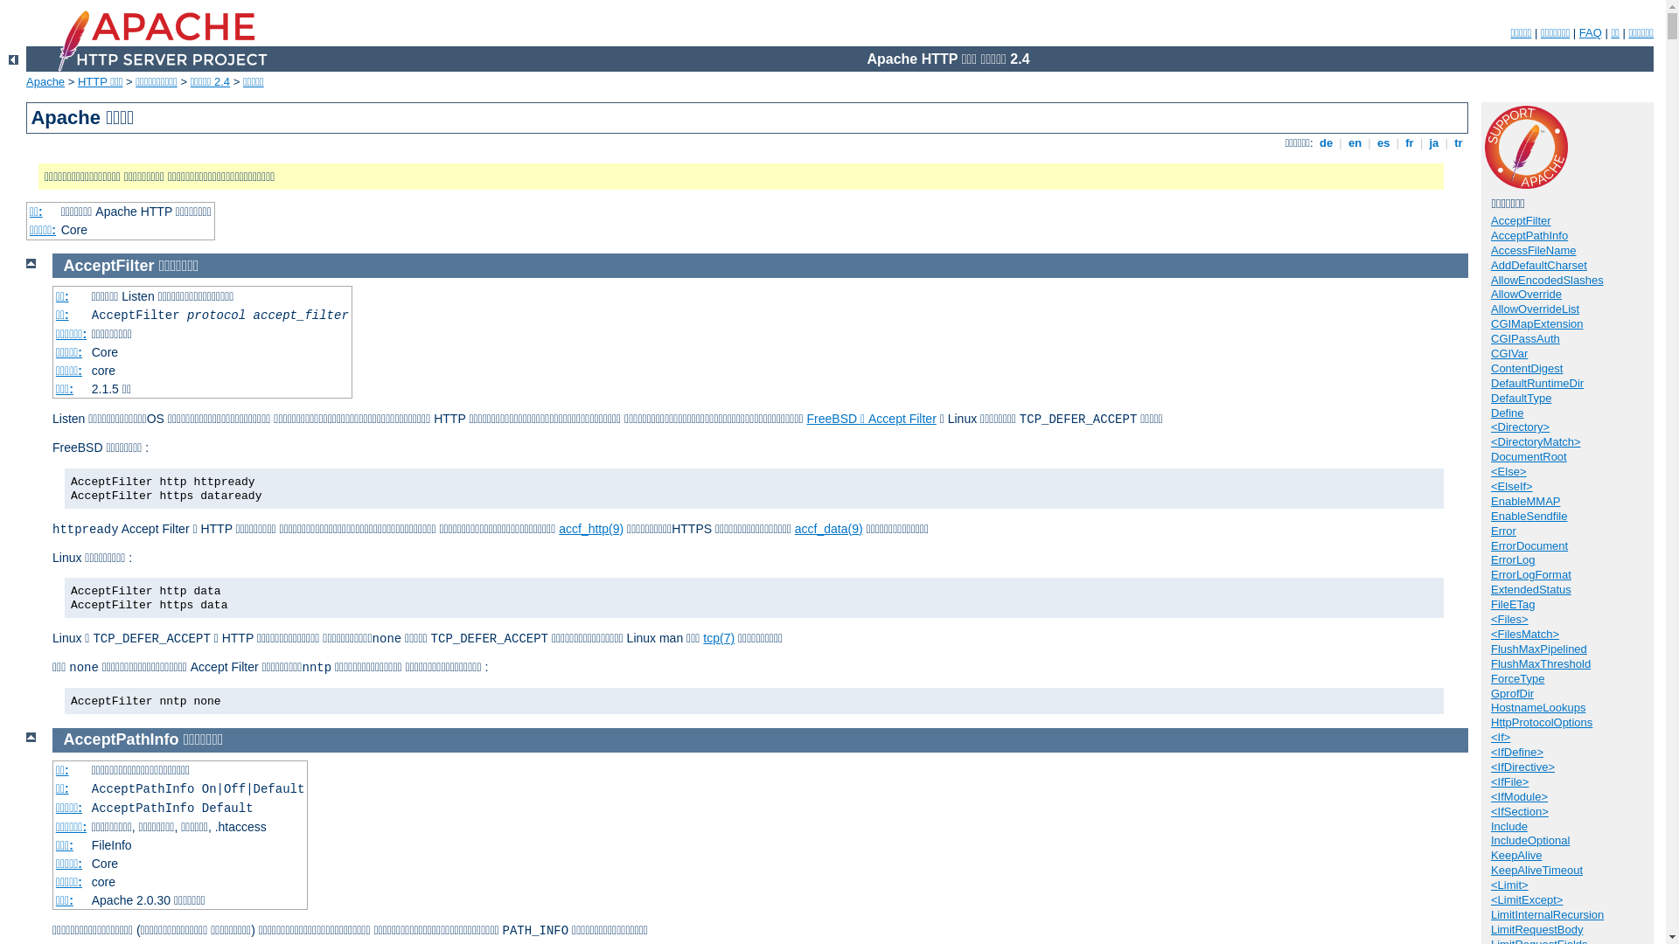 The width and height of the screenshot is (1679, 944). What do you see at coordinates (45, 81) in the screenshot?
I see `'Apache'` at bounding box center [45, 81].